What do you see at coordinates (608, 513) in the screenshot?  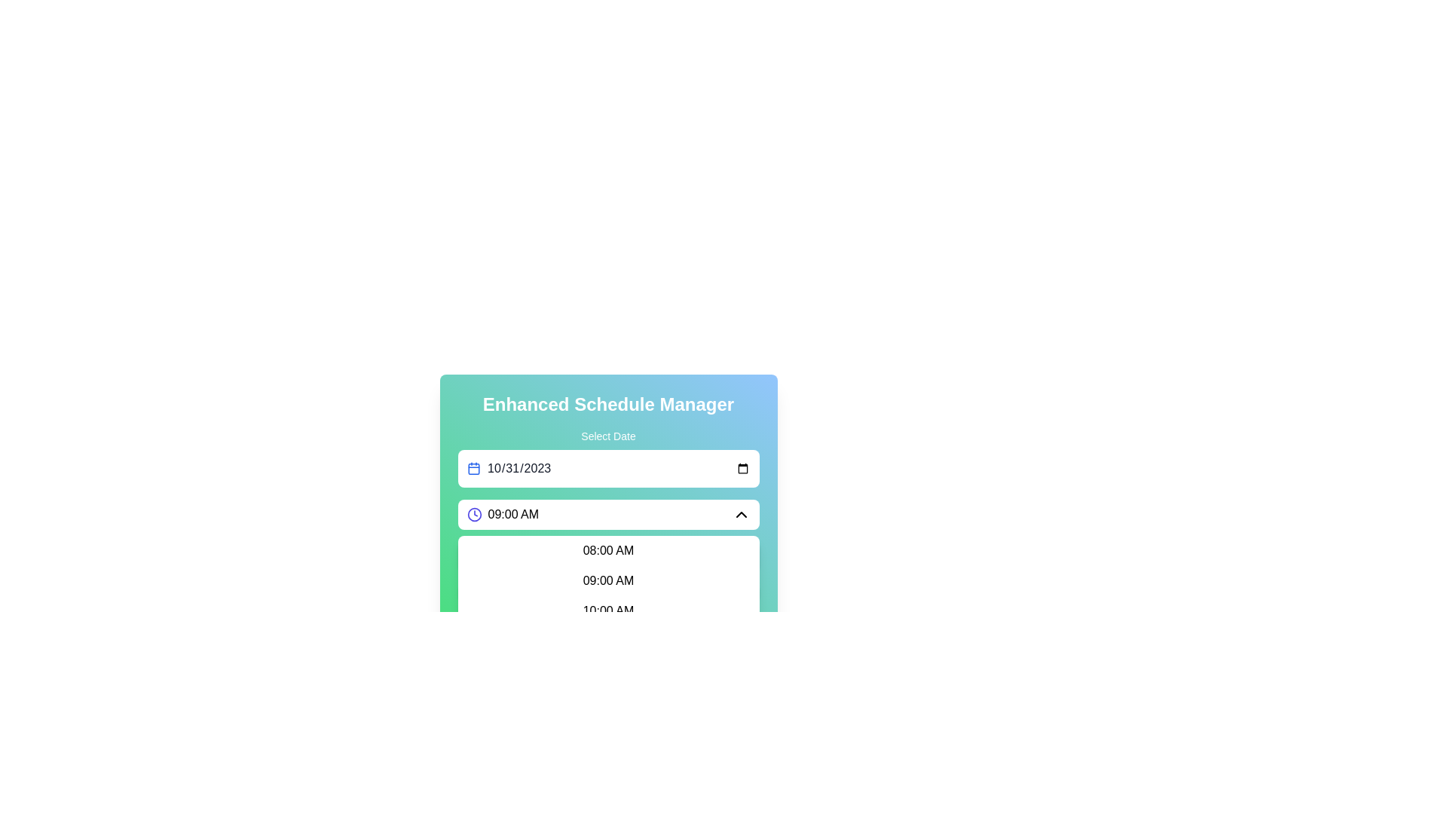 I see `the Dropdown selector button displaying '09:00 AM'` at bounding box center [608, 513].